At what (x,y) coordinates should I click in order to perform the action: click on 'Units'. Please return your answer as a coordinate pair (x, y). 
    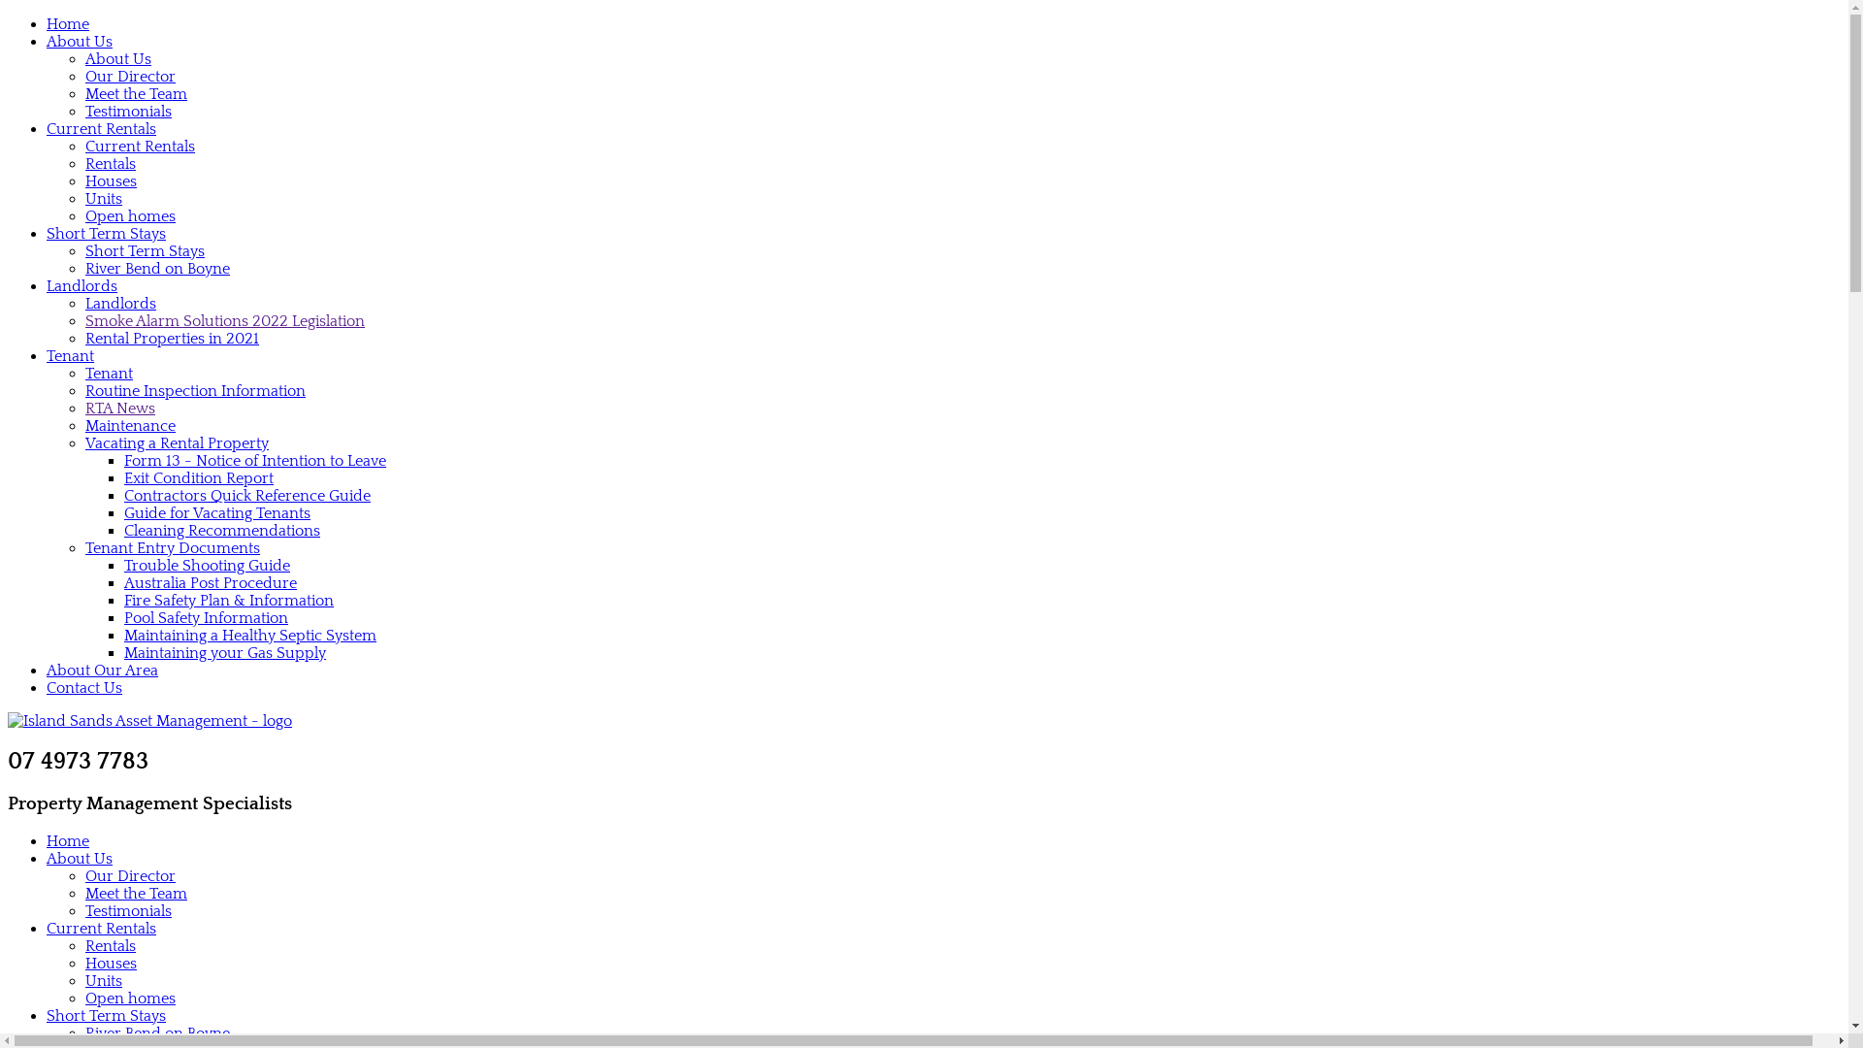
    Looking at the image, I should click on (102, 198).